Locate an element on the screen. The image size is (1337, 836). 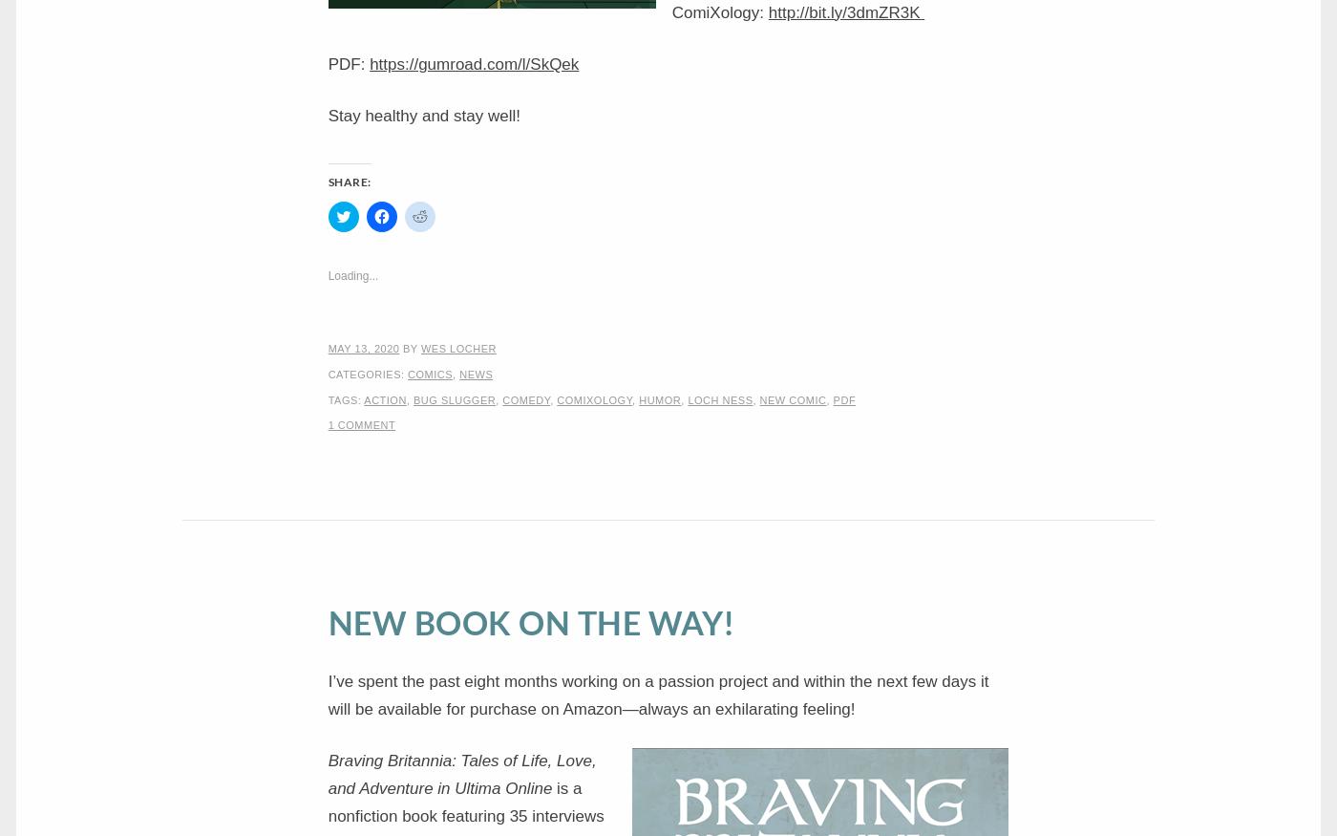
'comedy' is located at coordinates (526, 397).